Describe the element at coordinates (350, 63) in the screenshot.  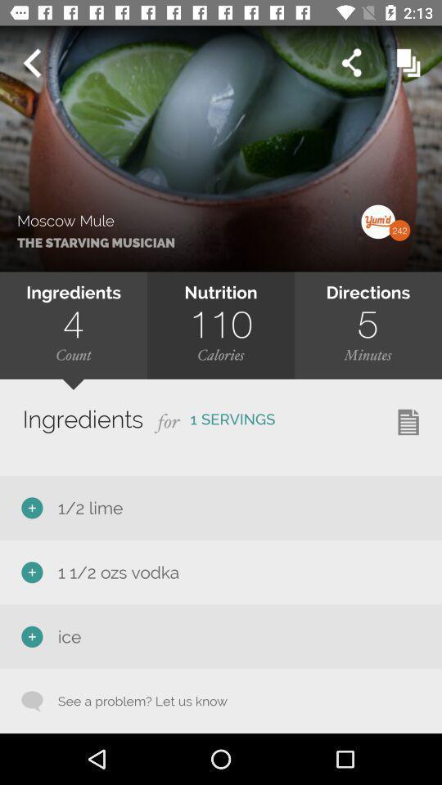
I see `activates the option to share the post` at that location.